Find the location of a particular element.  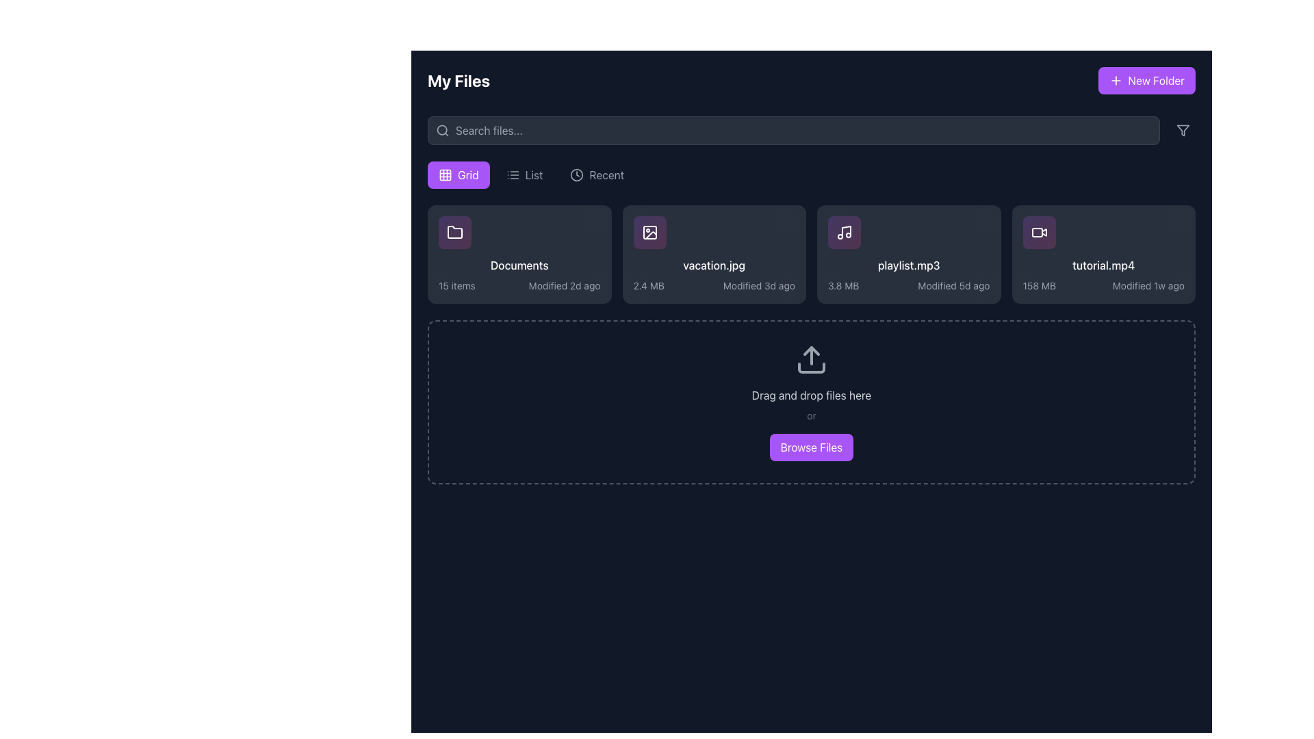

the purple gradient folder icon with a white outlined glyph is located at coordinates (455, 231).